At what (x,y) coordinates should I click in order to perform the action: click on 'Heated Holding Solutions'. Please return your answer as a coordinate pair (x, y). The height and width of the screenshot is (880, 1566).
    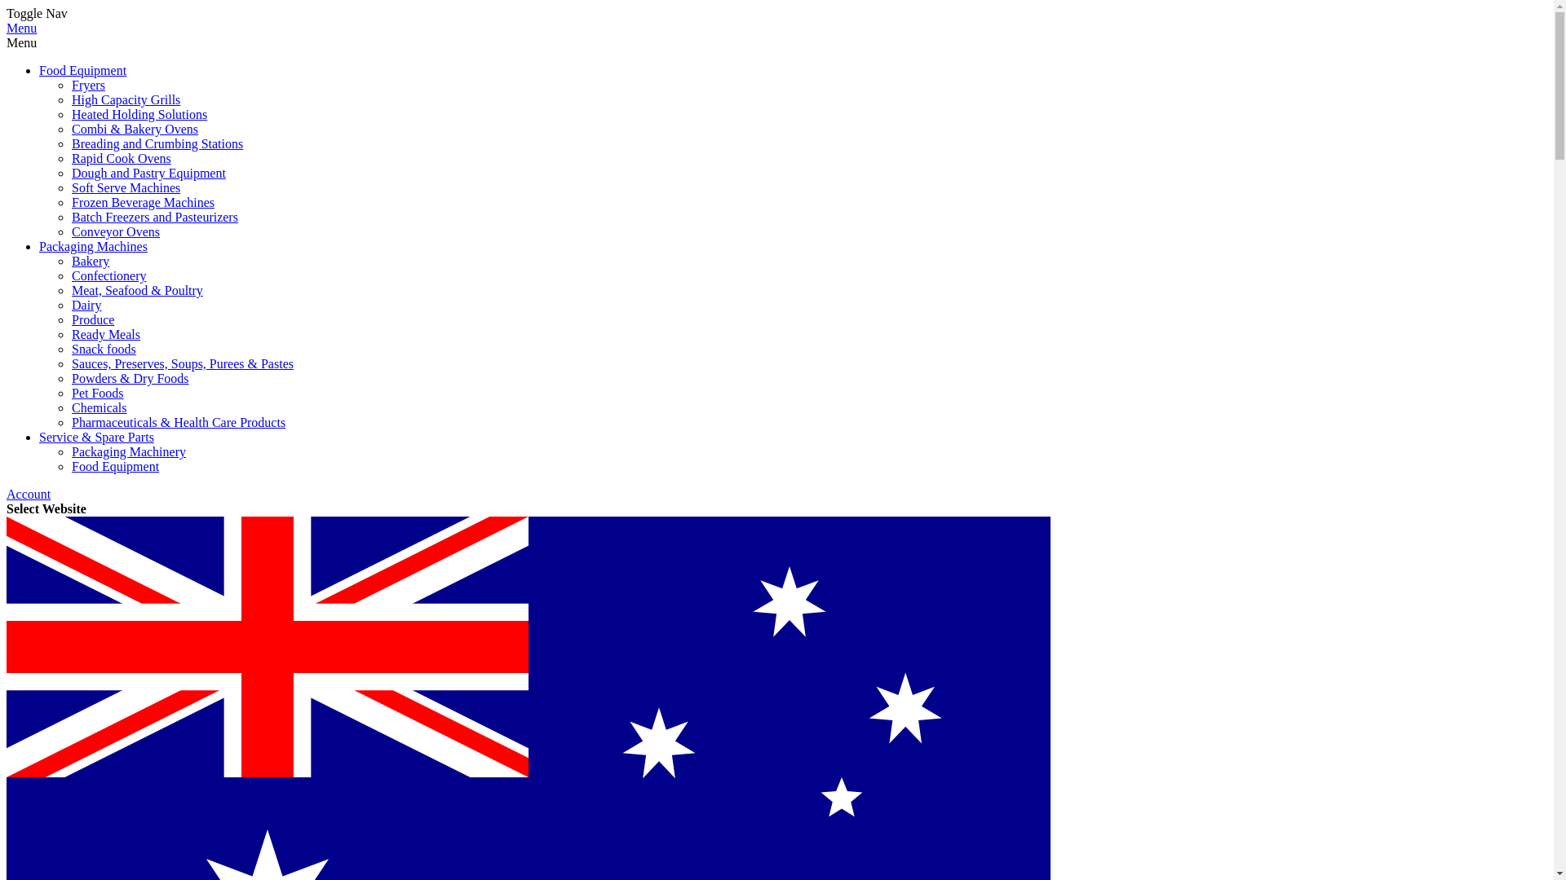
    Looking at the image, I should click on (139, 113).